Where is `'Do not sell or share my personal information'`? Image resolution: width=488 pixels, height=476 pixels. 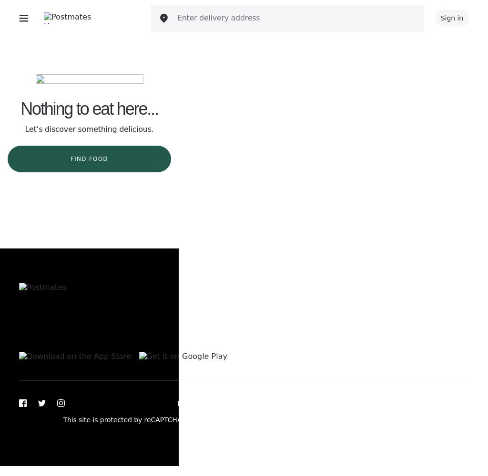 'Do not sell or share my personal information' is located at coordinates (395, 403).